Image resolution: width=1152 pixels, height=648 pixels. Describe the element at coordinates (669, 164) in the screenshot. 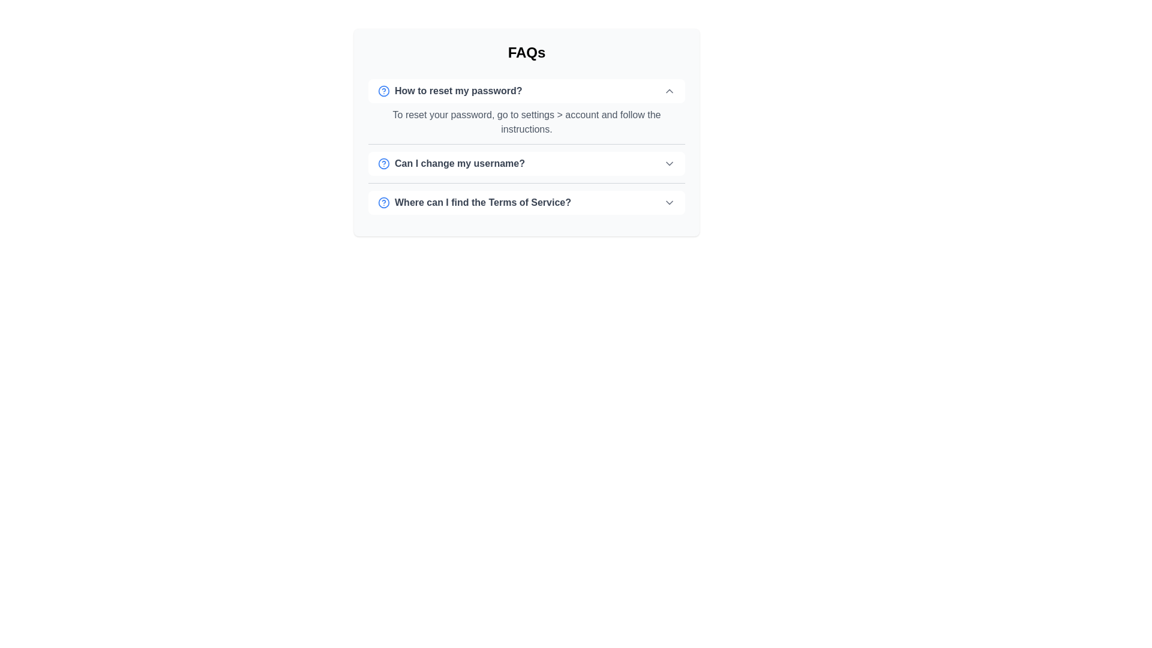

I see `the toggle icon for expanding or collapsing the FAQ item associated with 'Can I change my username?'` at that location.